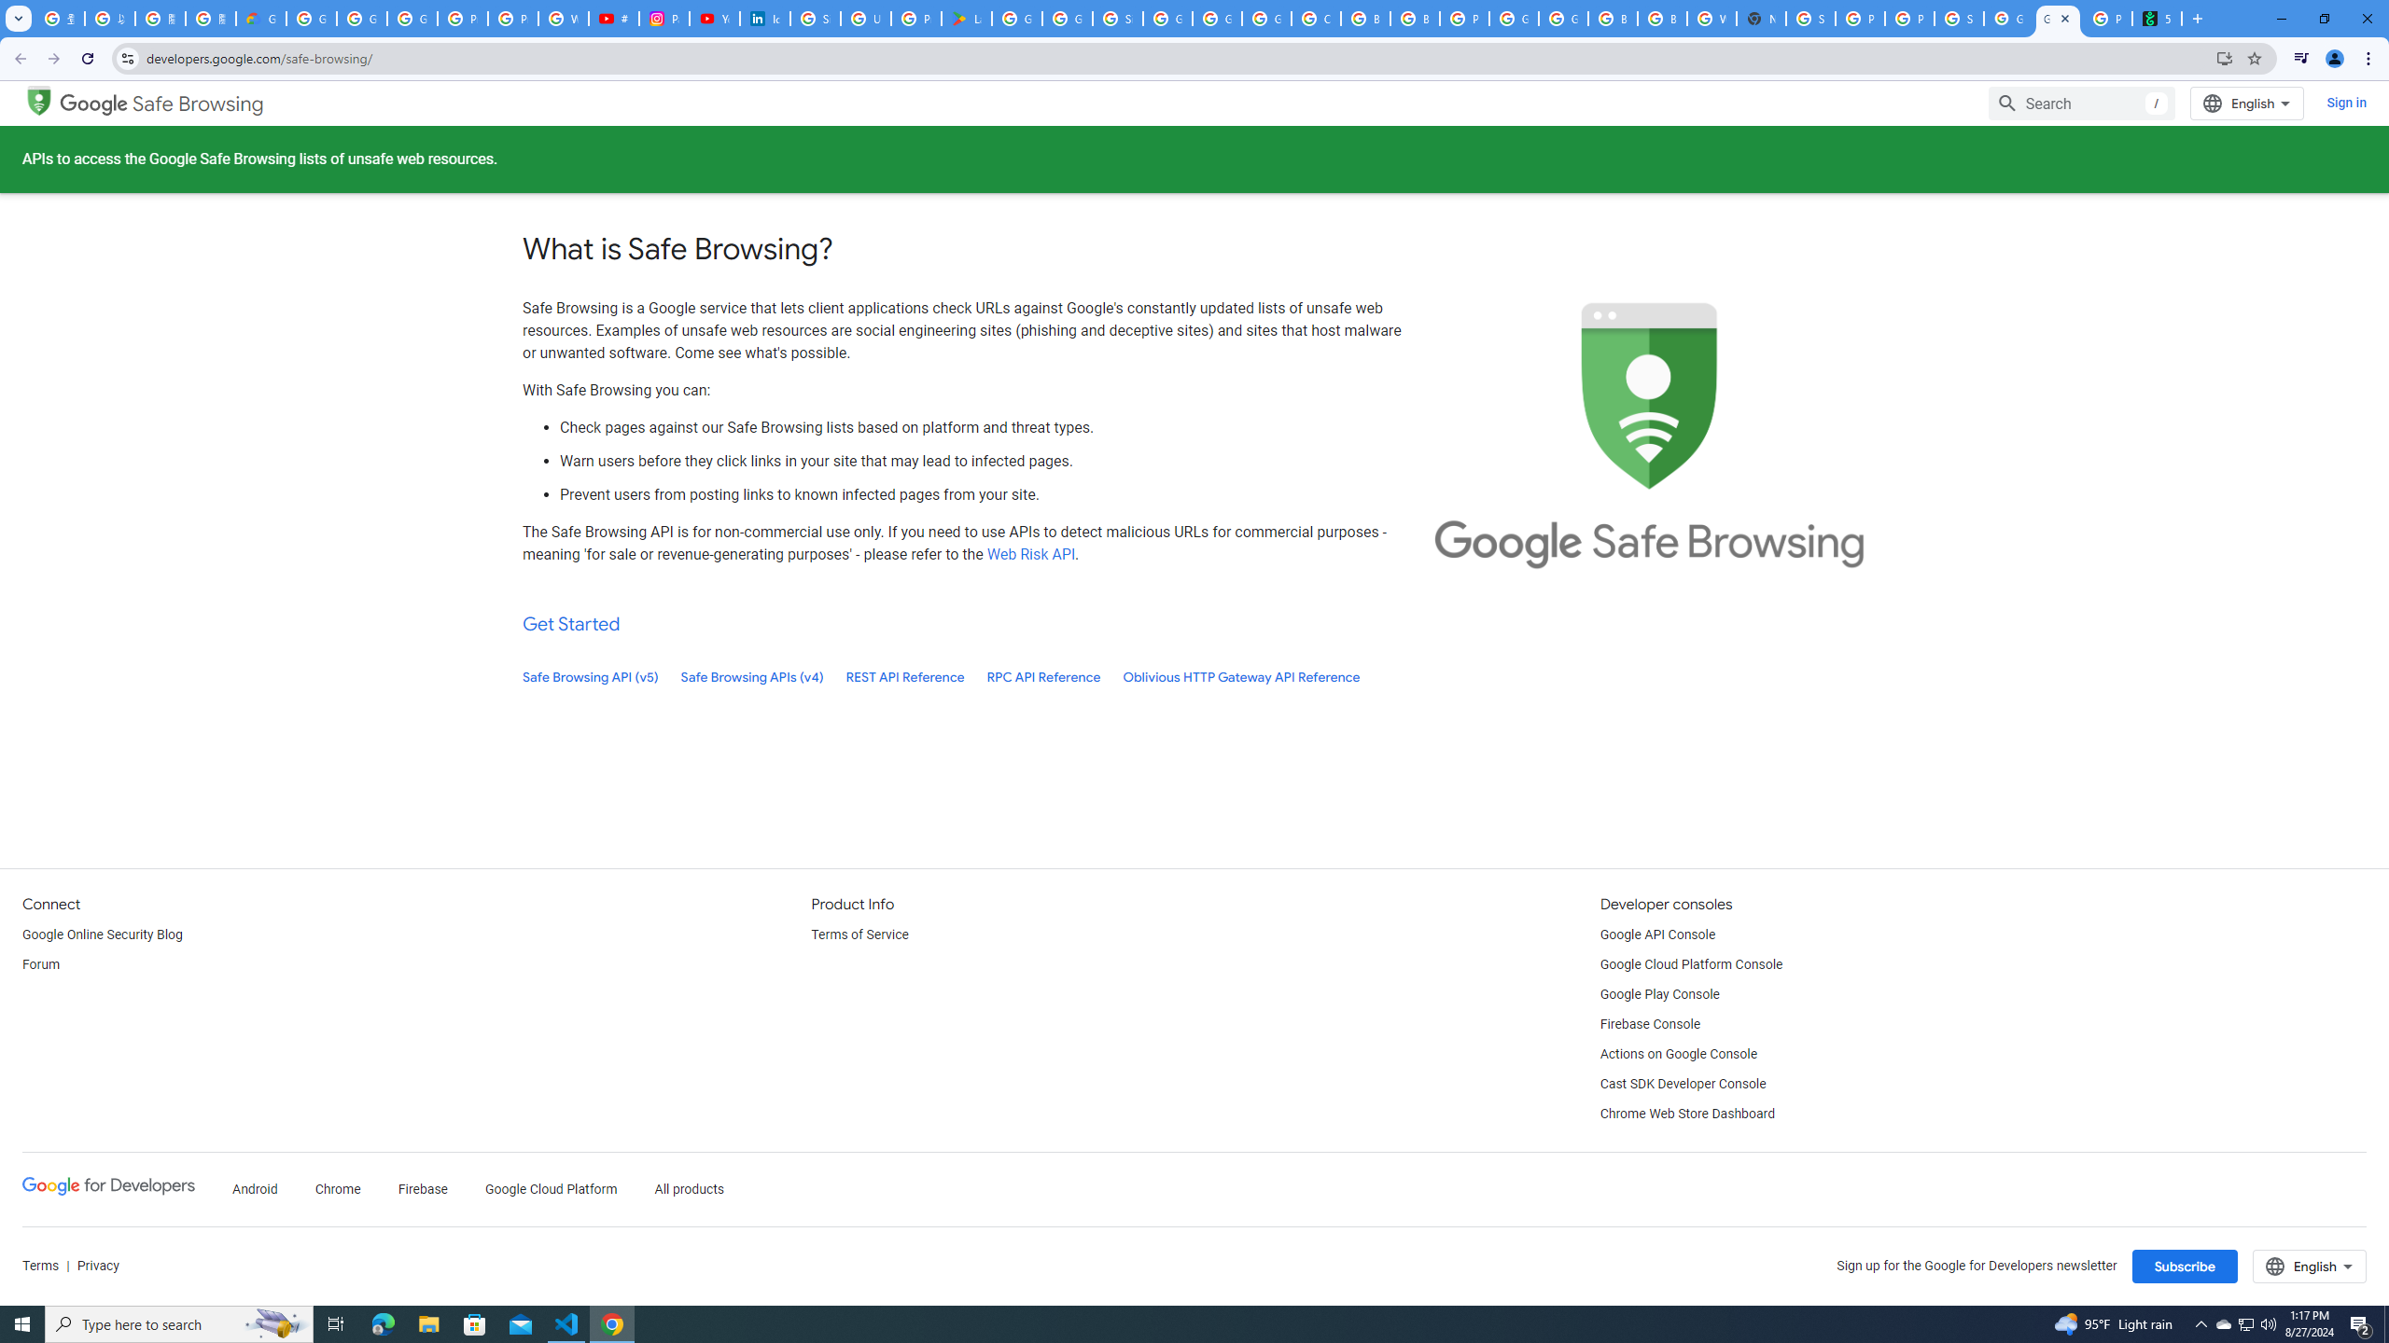 This screenshot has width=2389, height=1343. Describe the element at coordinates (1678, 1054) in the screenshot. I see `'Actions on Google Console'` at that location.